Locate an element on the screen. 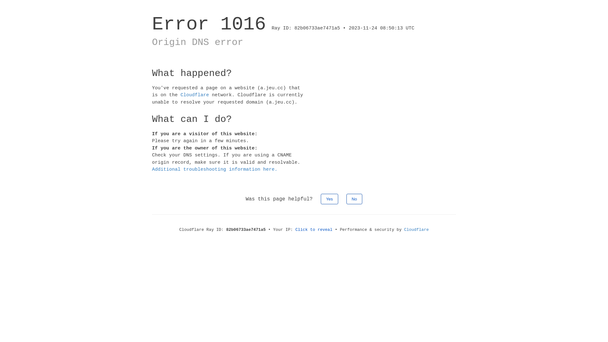  'Cloudflare' is located at coordinates (180, 95).